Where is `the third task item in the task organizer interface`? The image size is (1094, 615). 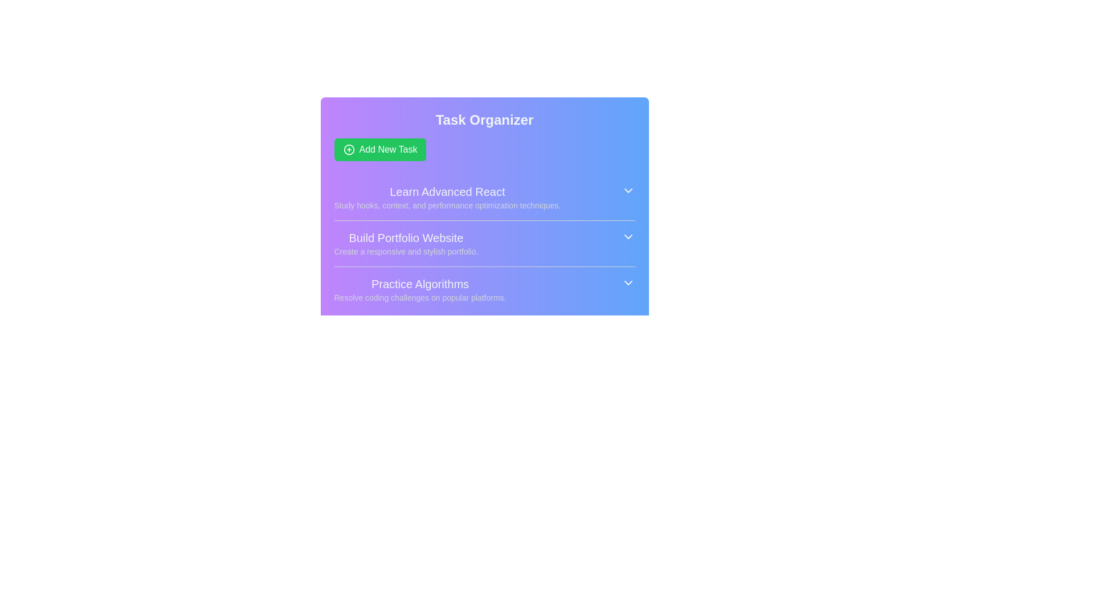 the third task item in the task organizer interface is located at coordinates (484, 289).